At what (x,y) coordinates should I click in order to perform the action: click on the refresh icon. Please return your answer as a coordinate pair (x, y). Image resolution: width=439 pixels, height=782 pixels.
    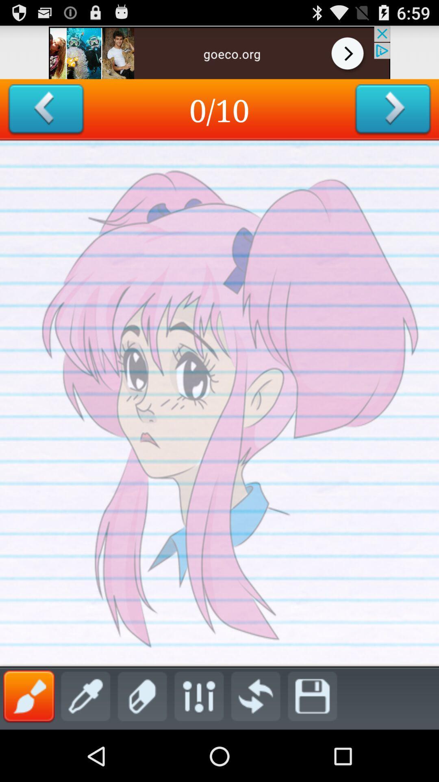
    Looking at the image, I should click on (255, 745).